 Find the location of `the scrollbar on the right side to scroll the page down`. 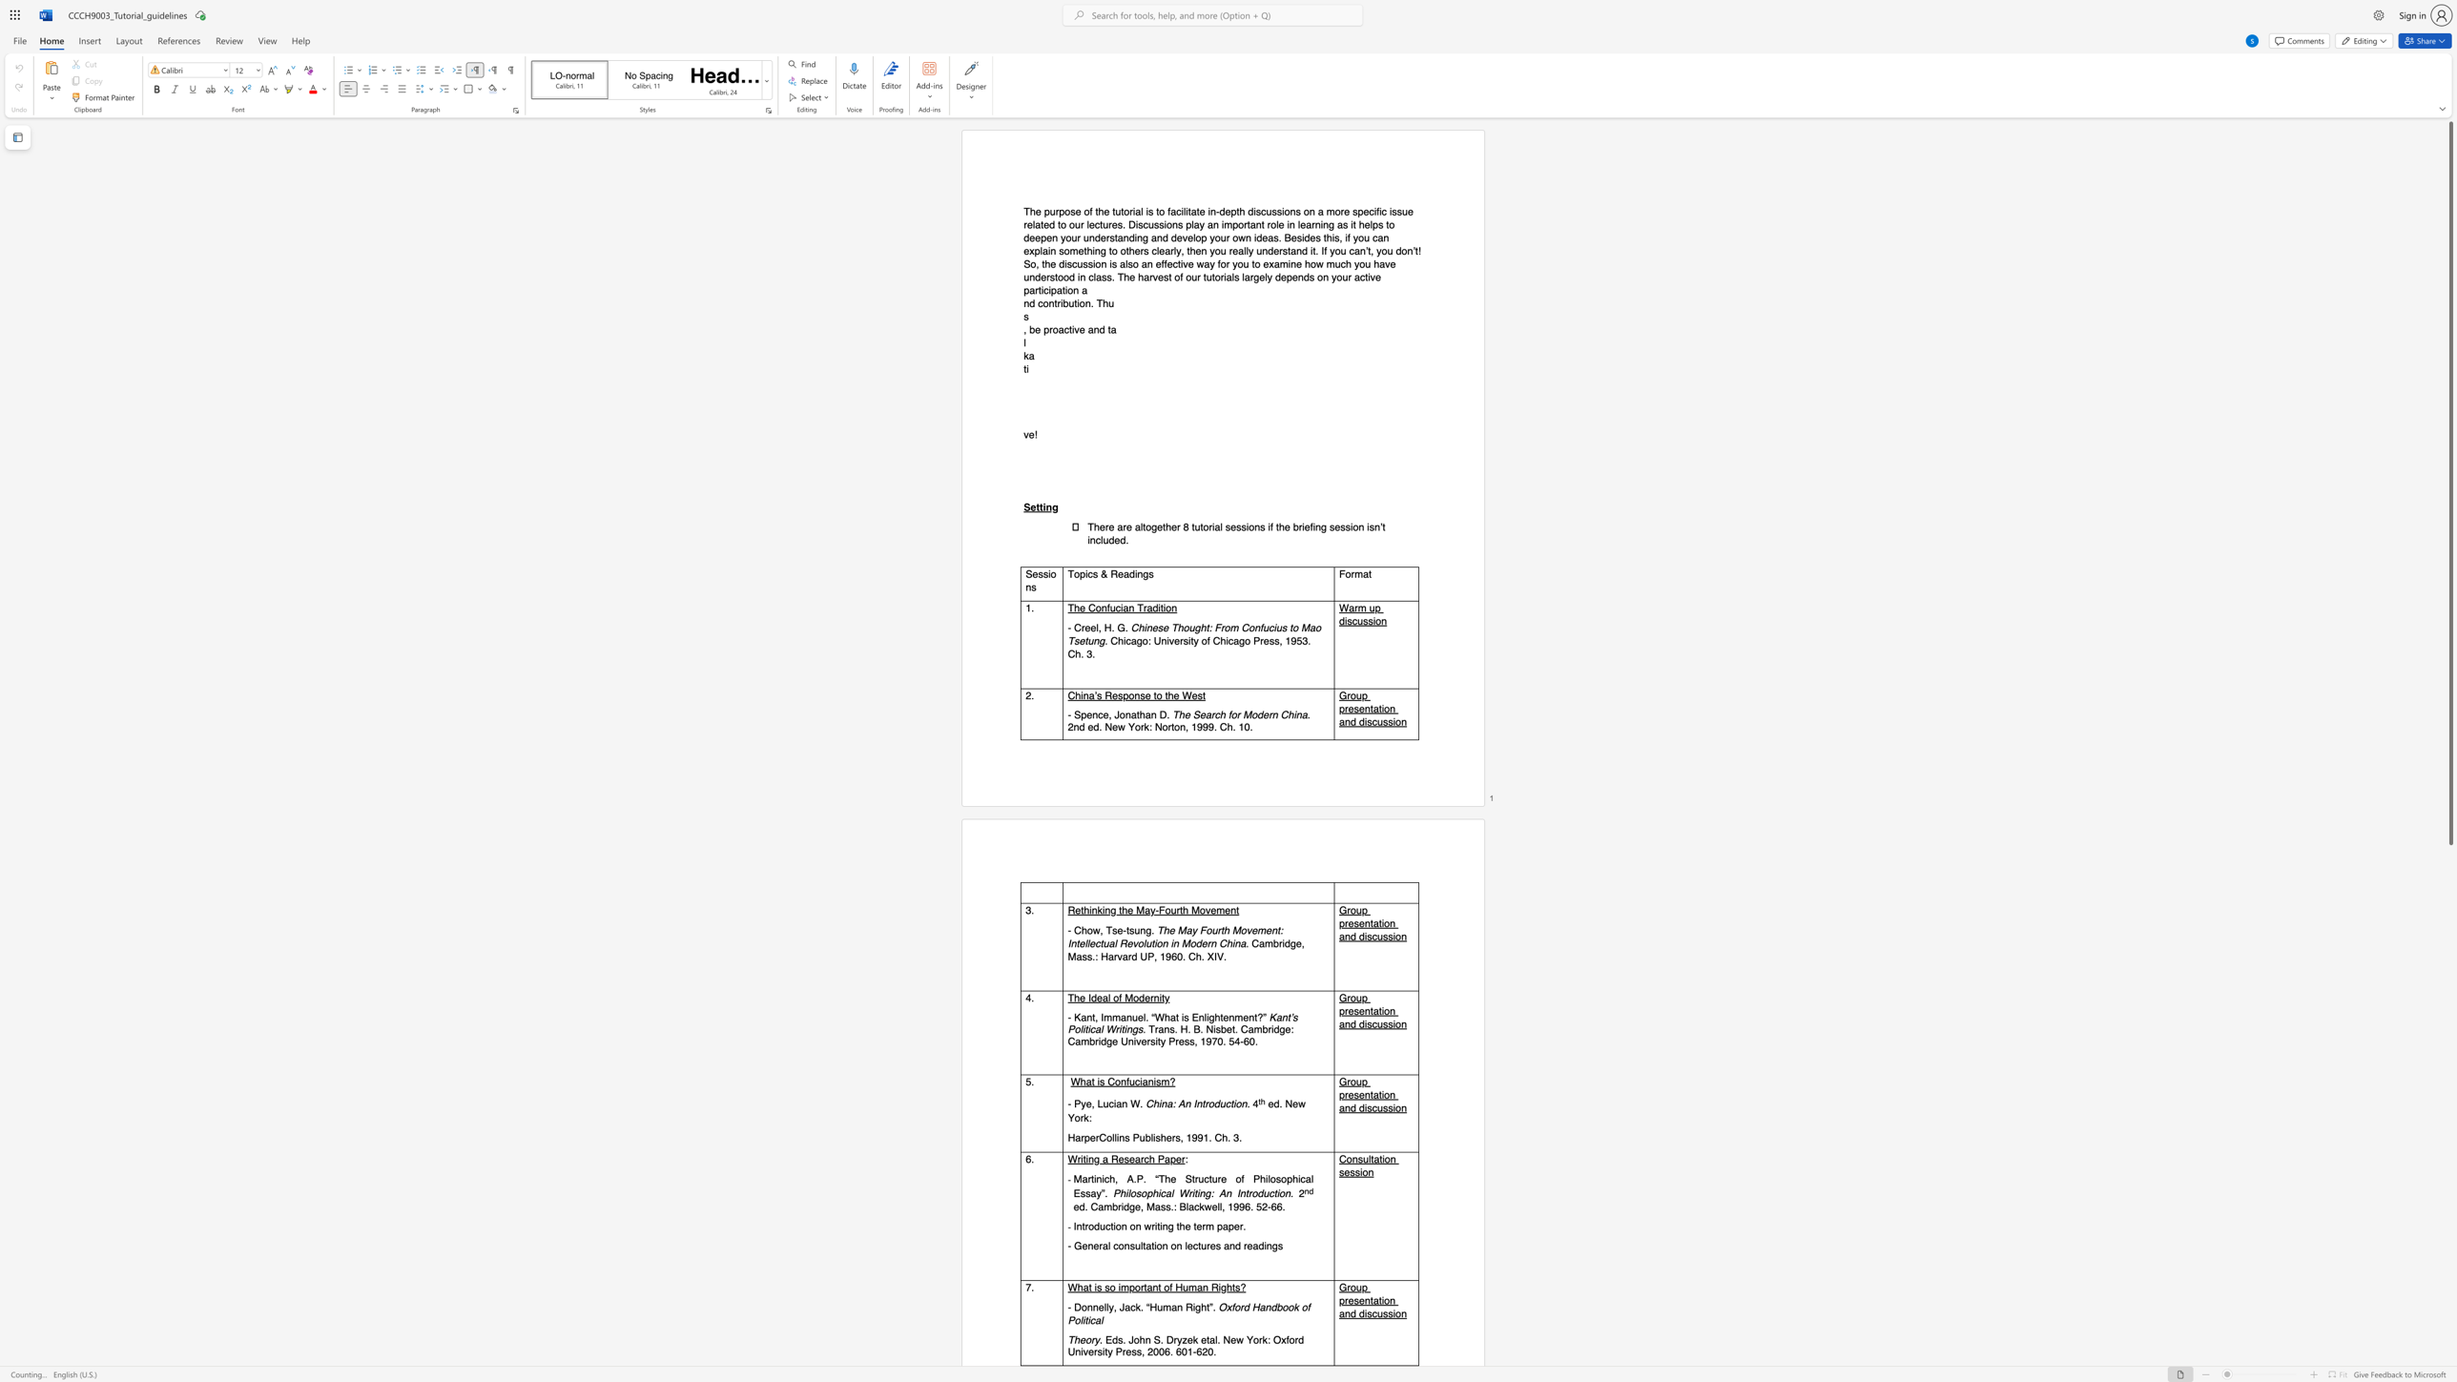

the scrollbar on the right side to scroll the page down is located at coordinates (2449, 1317).